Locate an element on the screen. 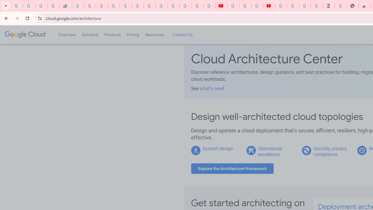  'Solutions' is located at coordinates (89, 35).